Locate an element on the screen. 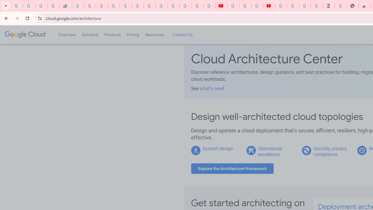  'Solutions' is located at coordinates (89, 35).